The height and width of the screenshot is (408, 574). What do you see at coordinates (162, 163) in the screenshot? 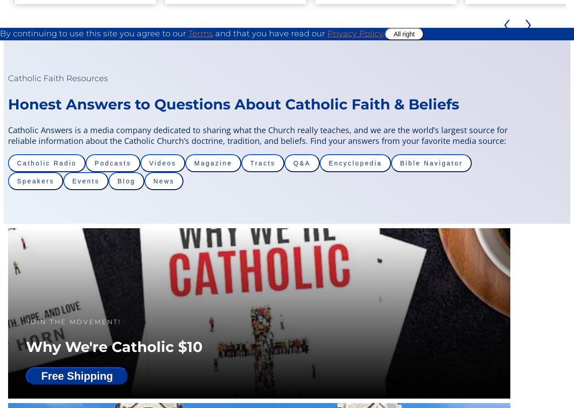
I see `'Videos'` at bounding box center [162, 163].